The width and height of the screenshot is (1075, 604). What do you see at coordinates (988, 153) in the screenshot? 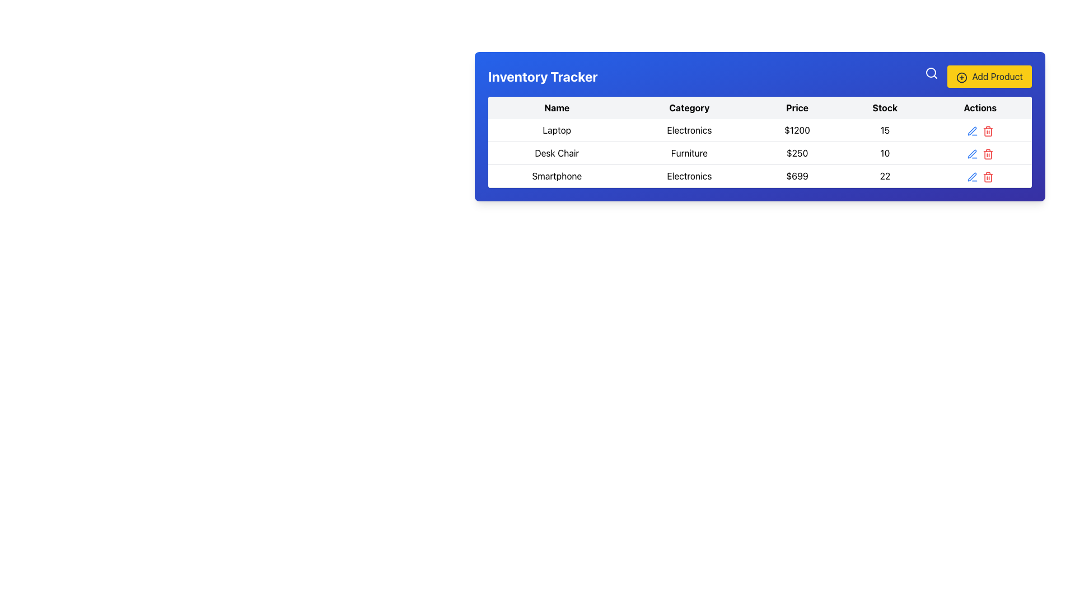
I see `the second trash bin icon in the 'Actions' column of the table` at bounding box center [988, 153].